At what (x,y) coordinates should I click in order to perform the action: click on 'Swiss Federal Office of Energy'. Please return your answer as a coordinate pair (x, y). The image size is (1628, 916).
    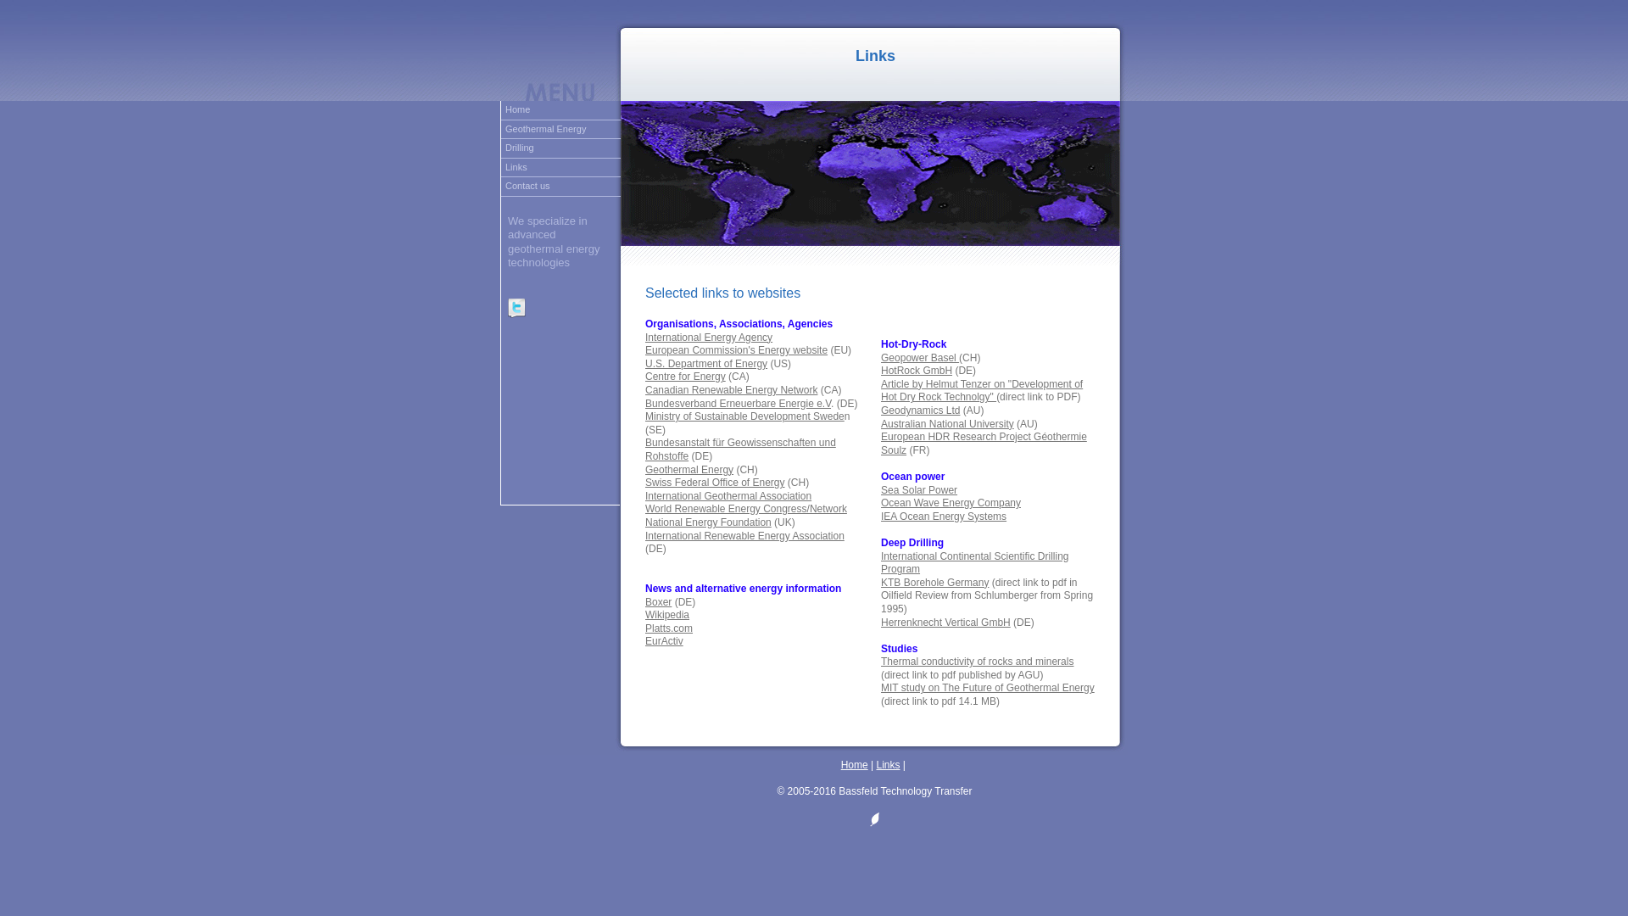
    Looking at the image, I should click on (644, 483).